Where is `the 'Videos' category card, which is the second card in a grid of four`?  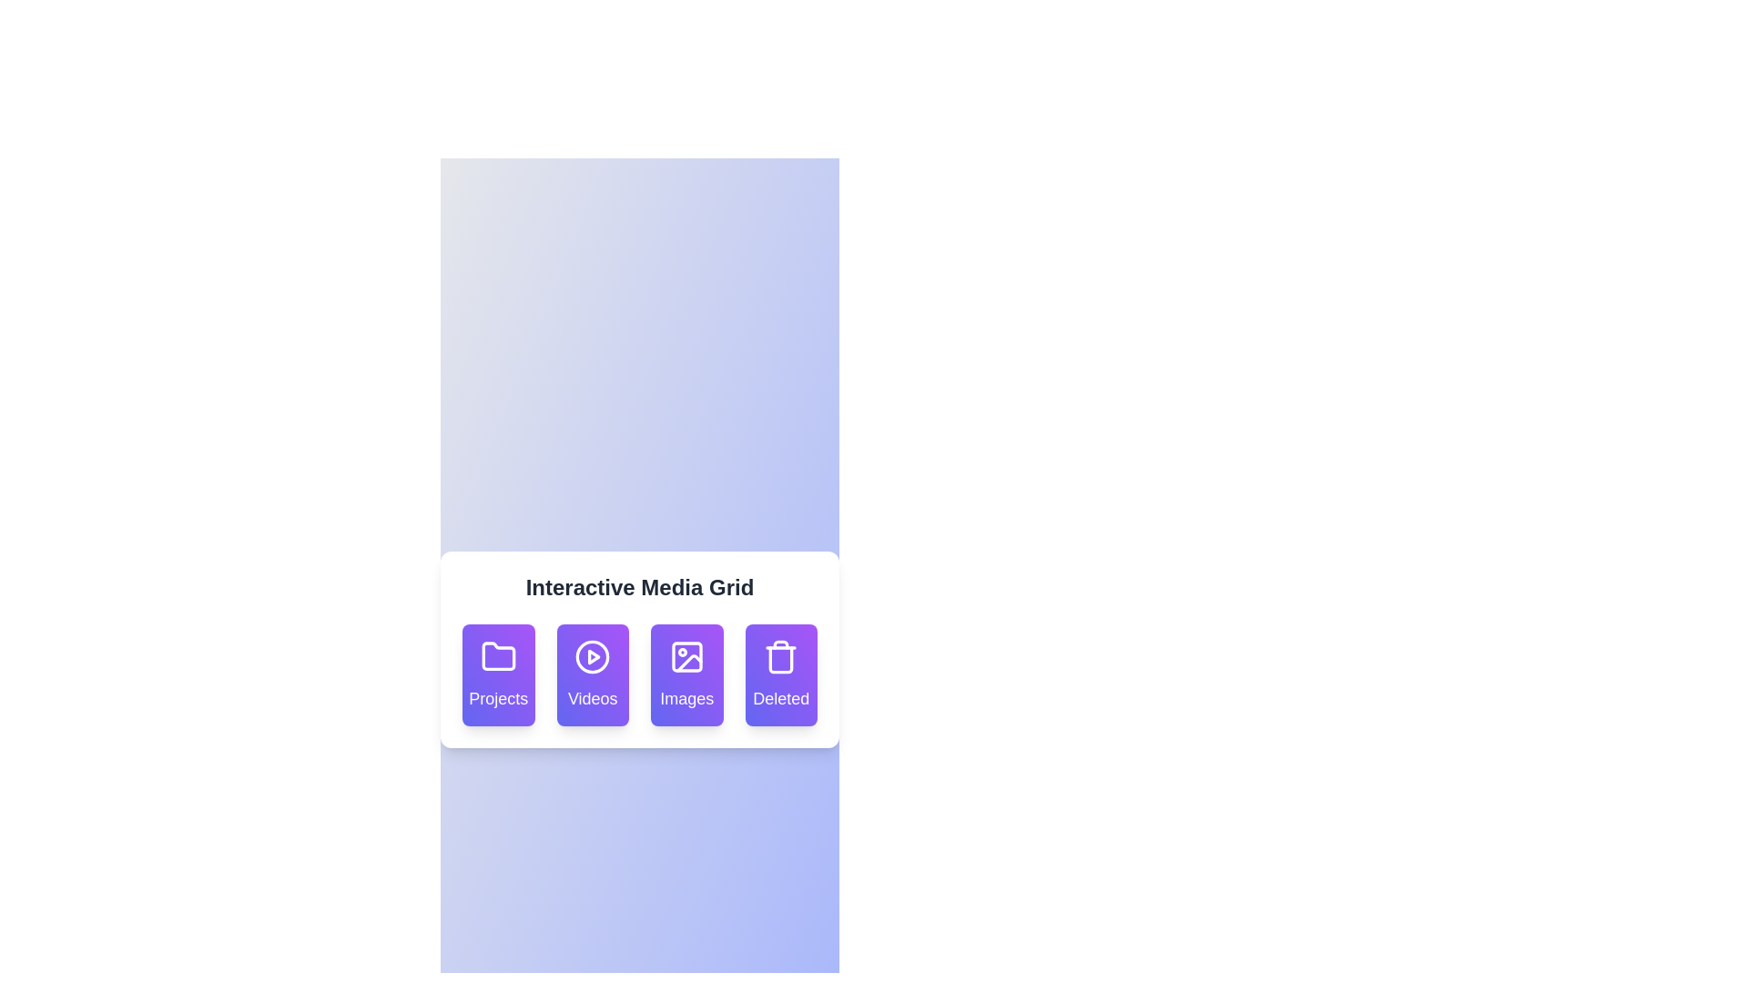
the 'Videos' category card, which is the second card in a grid of four is located at coordinates (593, 674).